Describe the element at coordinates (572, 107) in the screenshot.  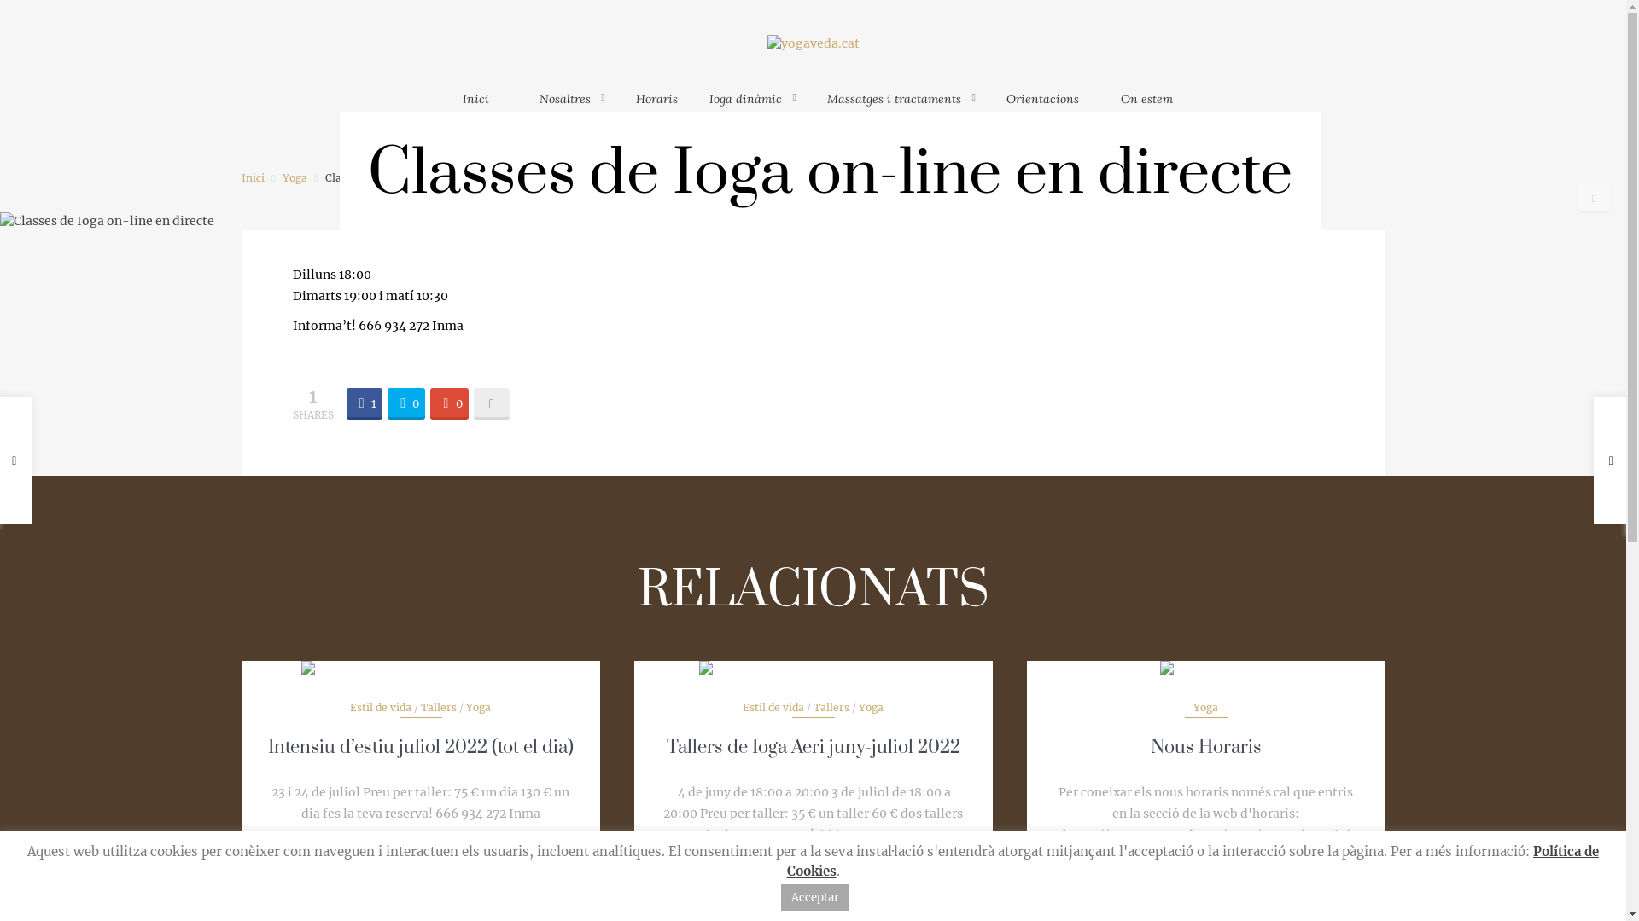
I see `'Nosaltres` at that location.